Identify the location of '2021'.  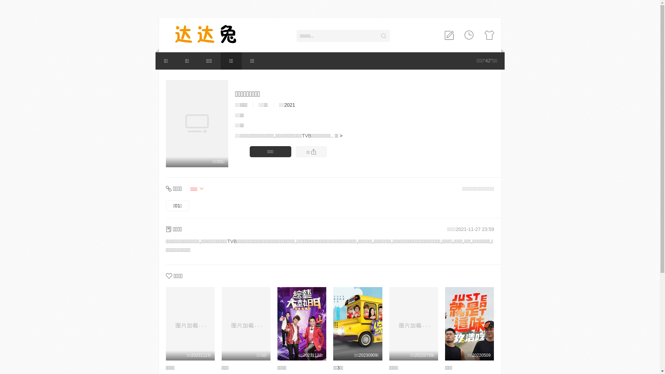
(290, 105).